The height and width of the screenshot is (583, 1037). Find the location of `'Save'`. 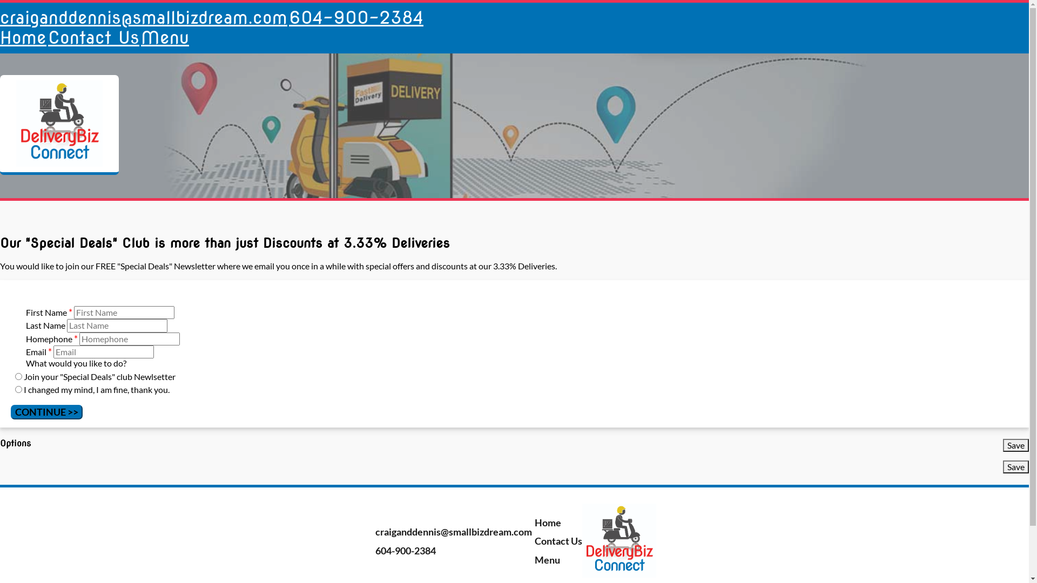

'Save' is located at coordinates (1015, 466).